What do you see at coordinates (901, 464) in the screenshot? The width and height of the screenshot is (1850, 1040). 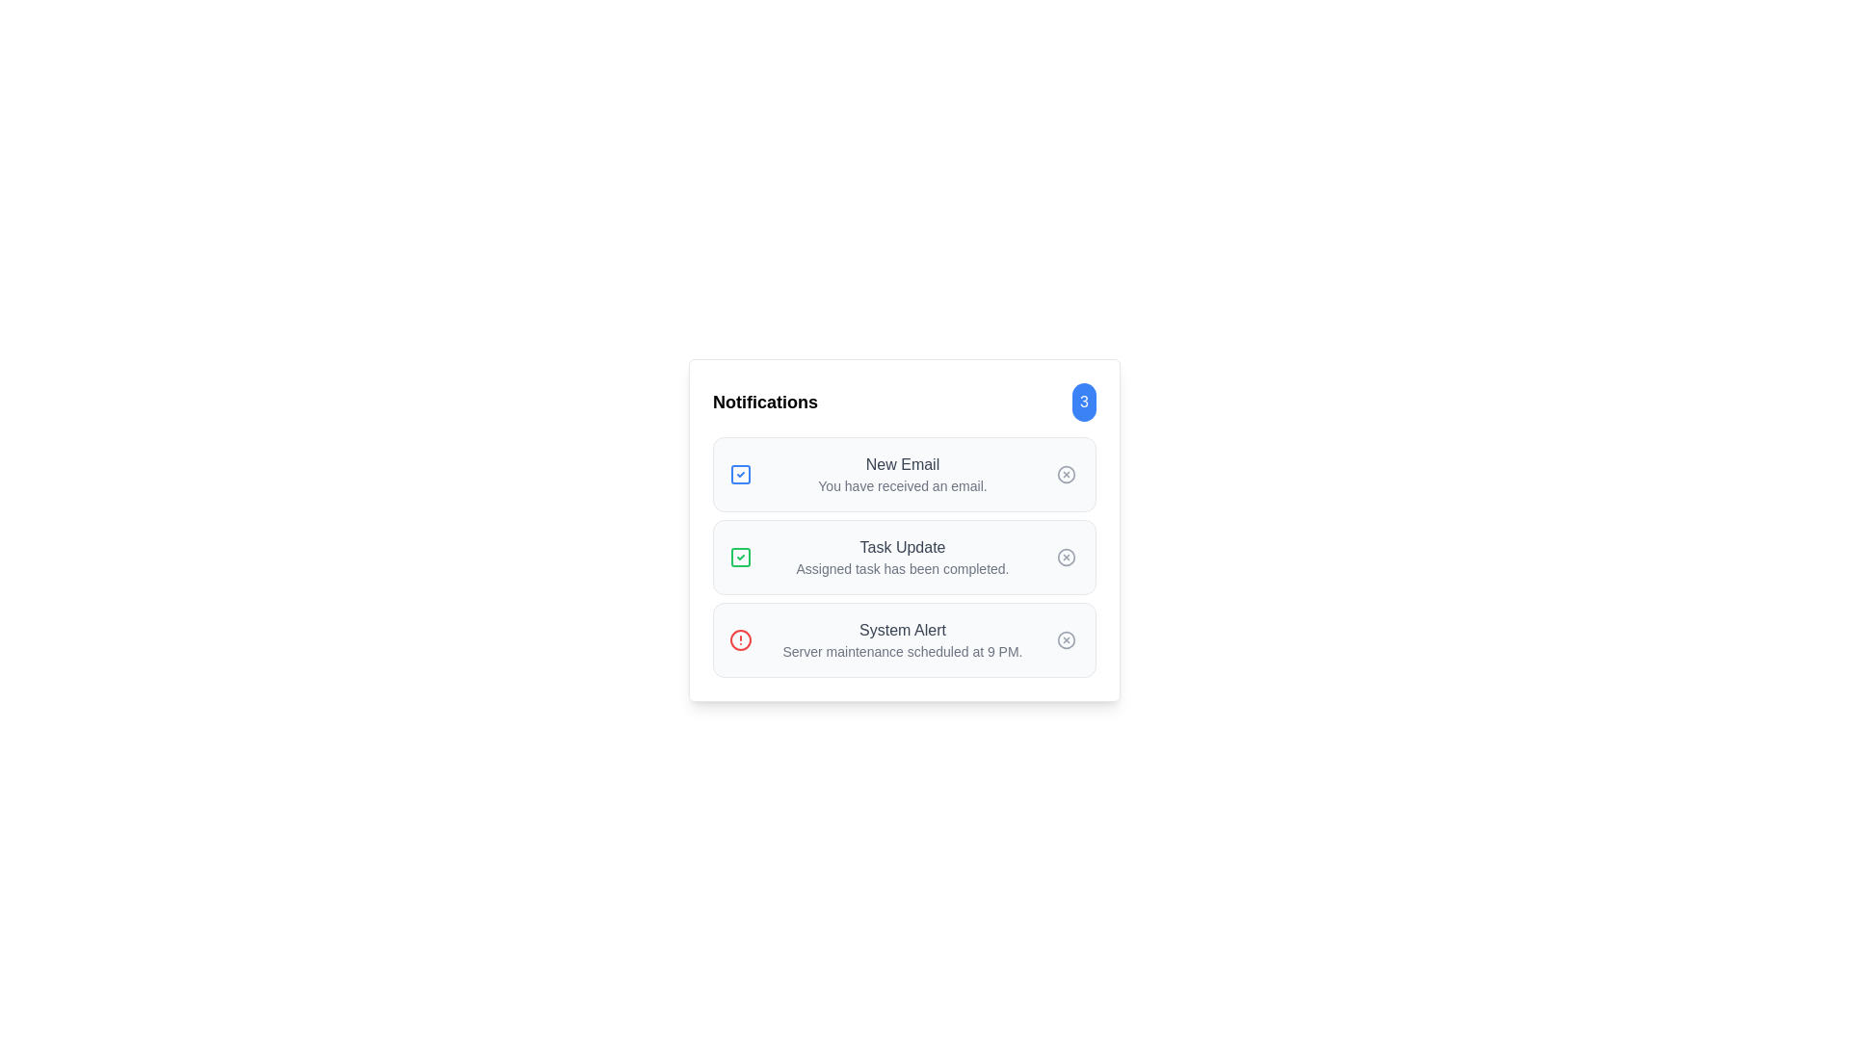 I see `text label that reads 'New Email' which is prominently displayed in the notification card located in the Notifications section` at bounding box center [901, 464].